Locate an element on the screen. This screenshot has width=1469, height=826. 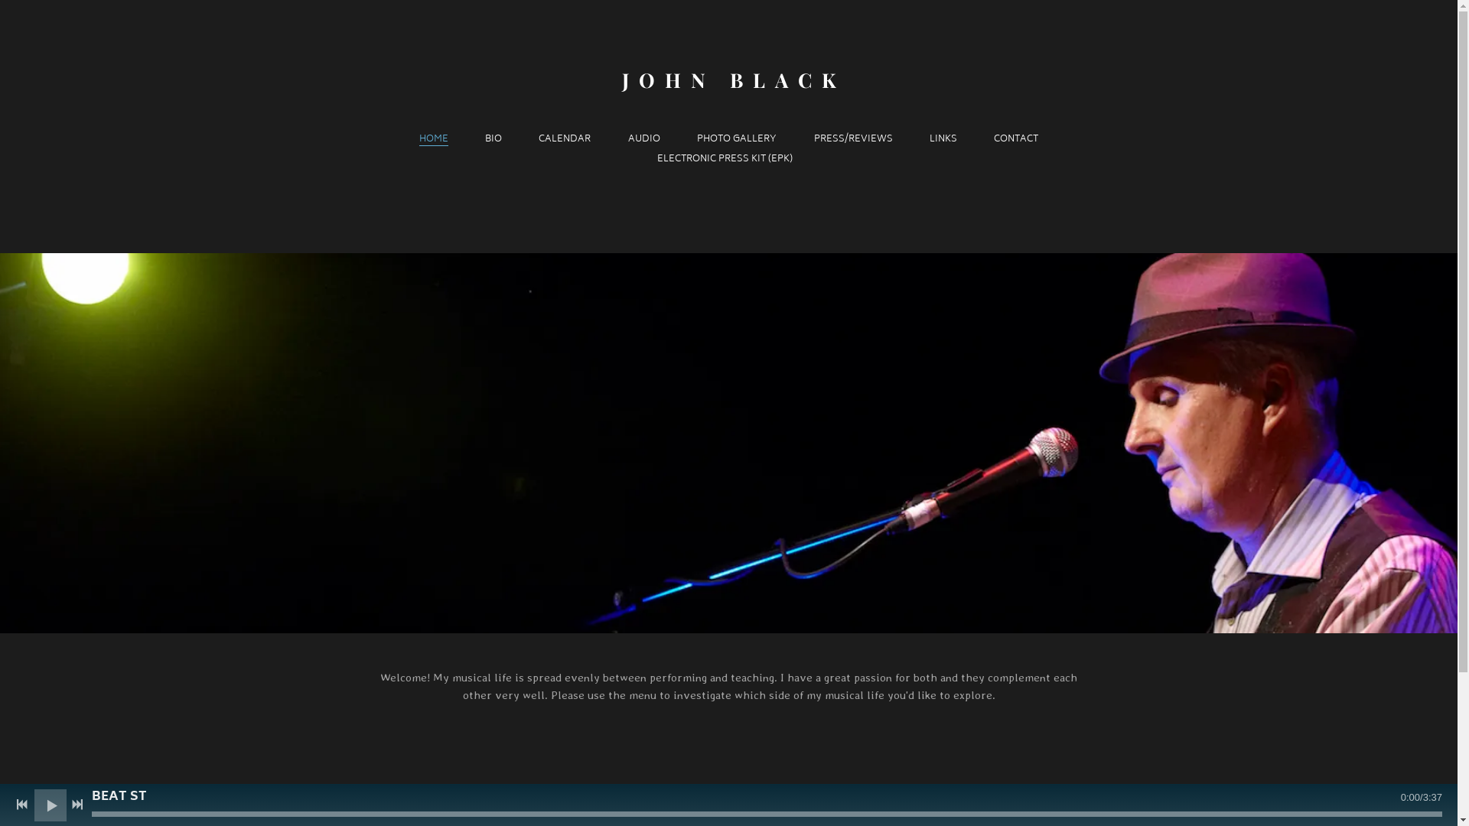
'JOHN BLACK' is located at coordinates (728, 80).